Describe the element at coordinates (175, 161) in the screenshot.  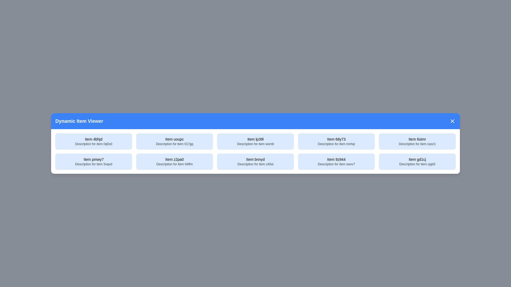
I see `the item with title Item z2pa0 to select it` at that location.